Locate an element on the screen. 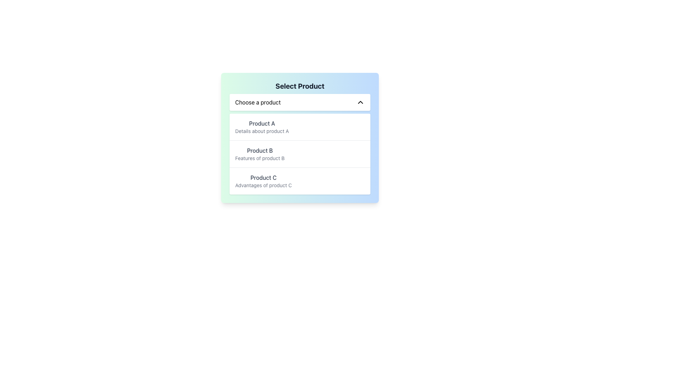  the Text Display Block that shows 'Product B' and its description 'Features of product B', which is the second item in a vertical list of products within a dropdown selection is located at coordinates (259, 154).